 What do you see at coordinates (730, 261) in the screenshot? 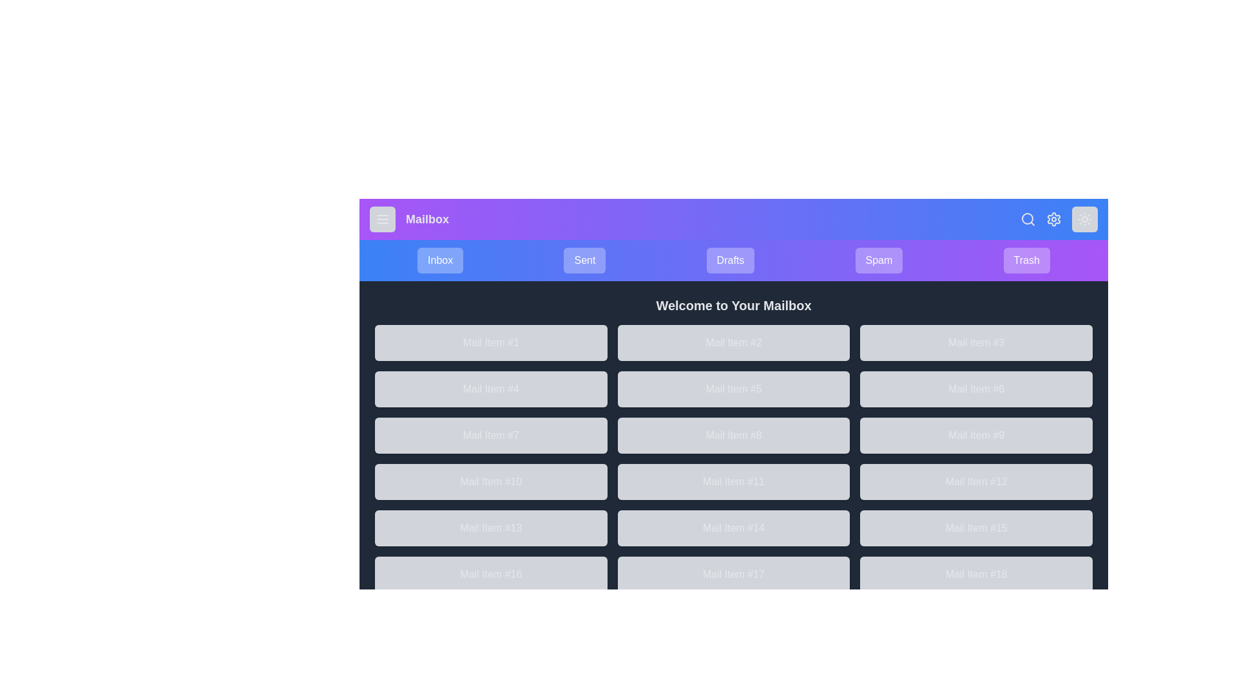
I see `the mailbox category Drafts to view its contents` at bounding box center [730, 261].